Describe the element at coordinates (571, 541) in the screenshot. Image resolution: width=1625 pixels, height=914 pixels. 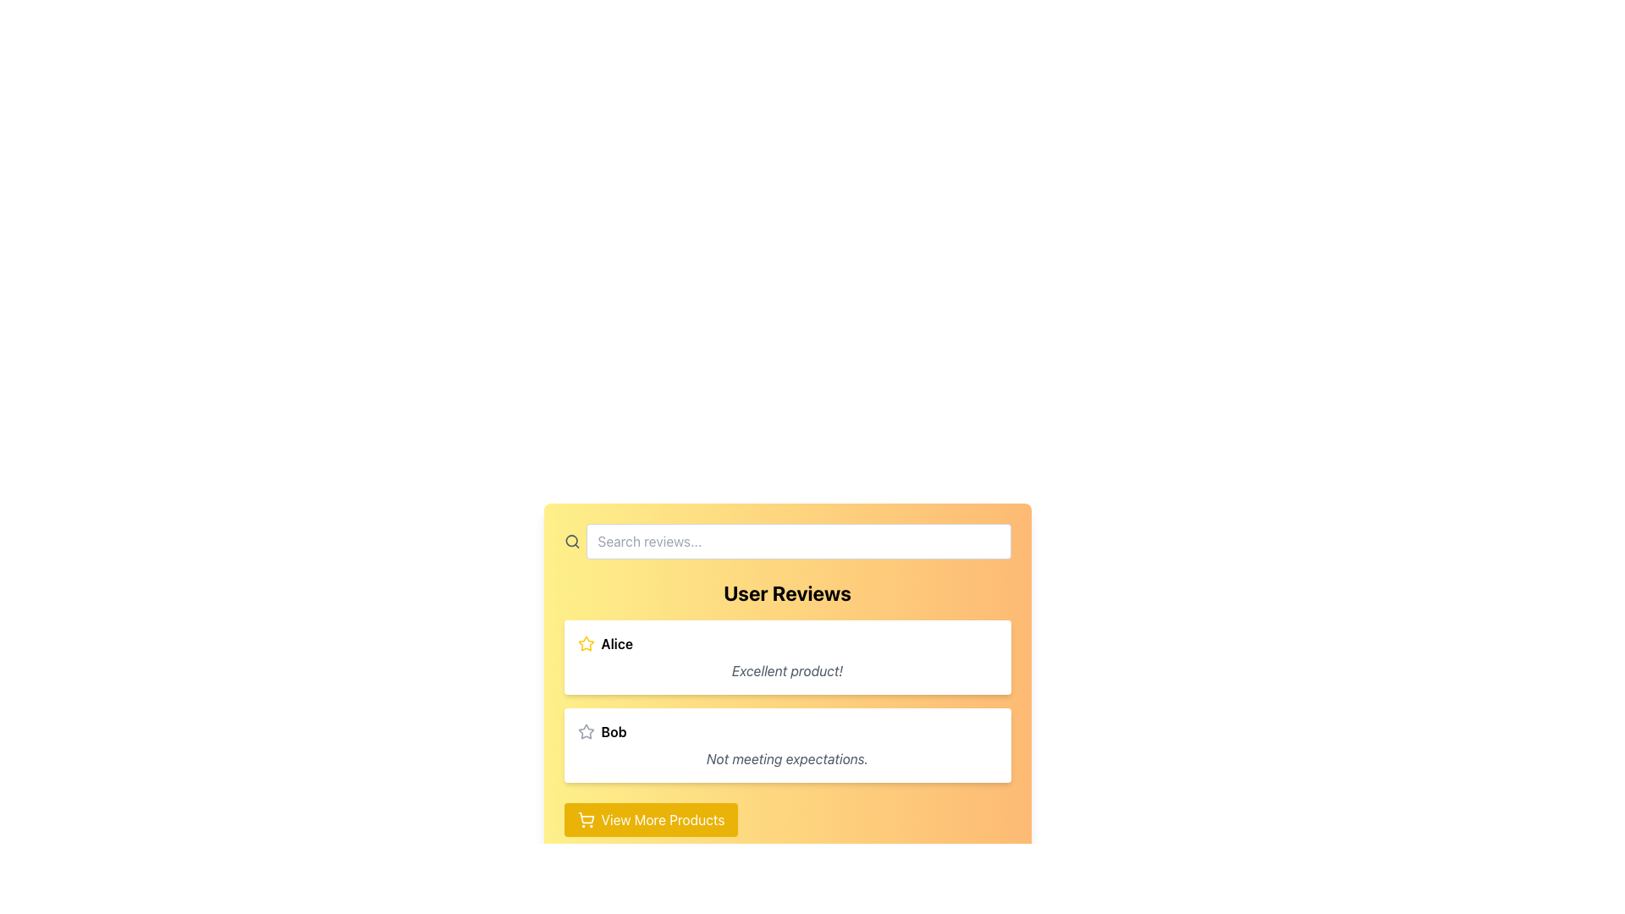
I see `the circle graphic element that is part of the search icon, located above the search text input field and slightly to the left within the circular boundary` at that location.